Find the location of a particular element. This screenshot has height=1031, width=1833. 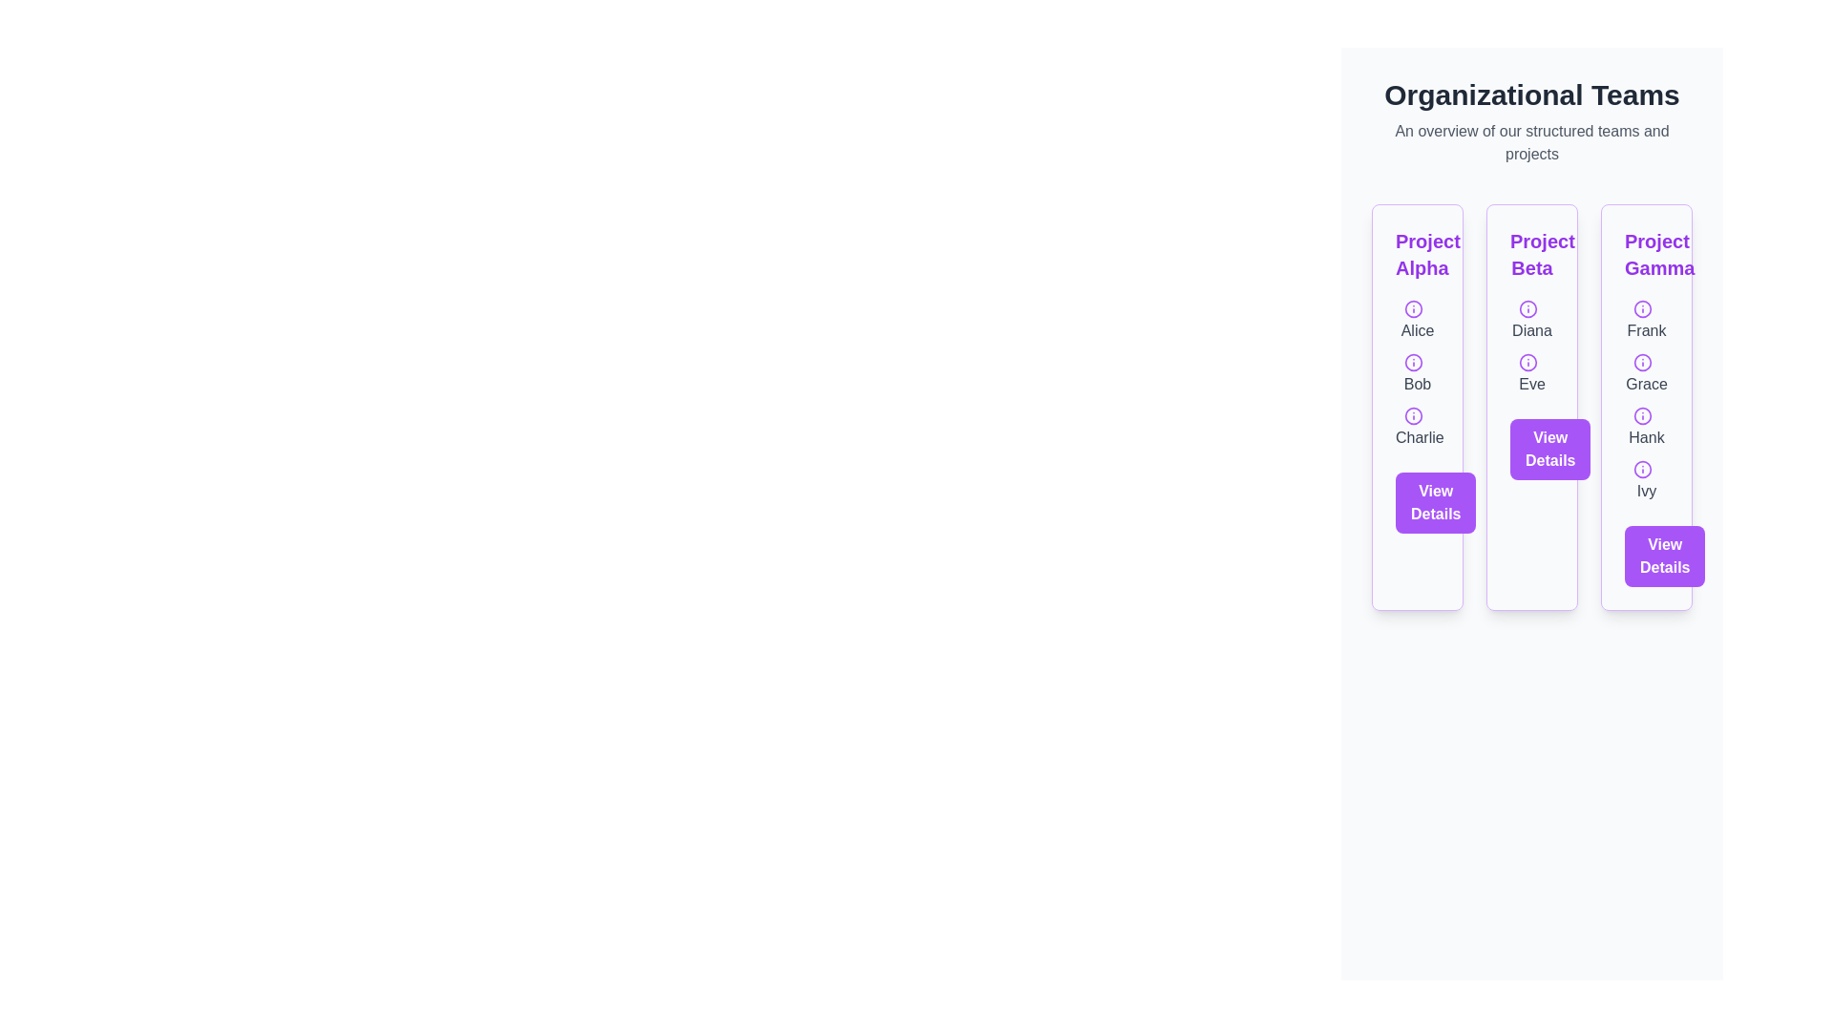

the text label that serves as the title for the second project card, located at the top of the middle card in the interface is located at coordinates (1531, 253).